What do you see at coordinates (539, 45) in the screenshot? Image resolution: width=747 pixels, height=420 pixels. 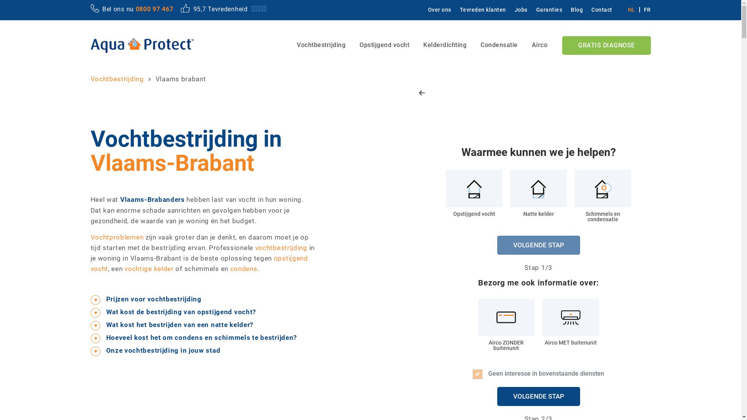 I see `'Airco'` at bounding box center [539, 45].